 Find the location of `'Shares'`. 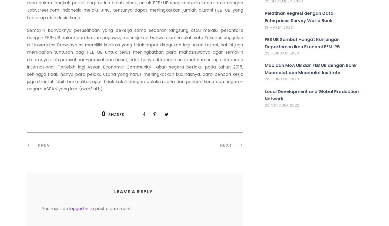

'Shares' is located at coordinates (116, 114).